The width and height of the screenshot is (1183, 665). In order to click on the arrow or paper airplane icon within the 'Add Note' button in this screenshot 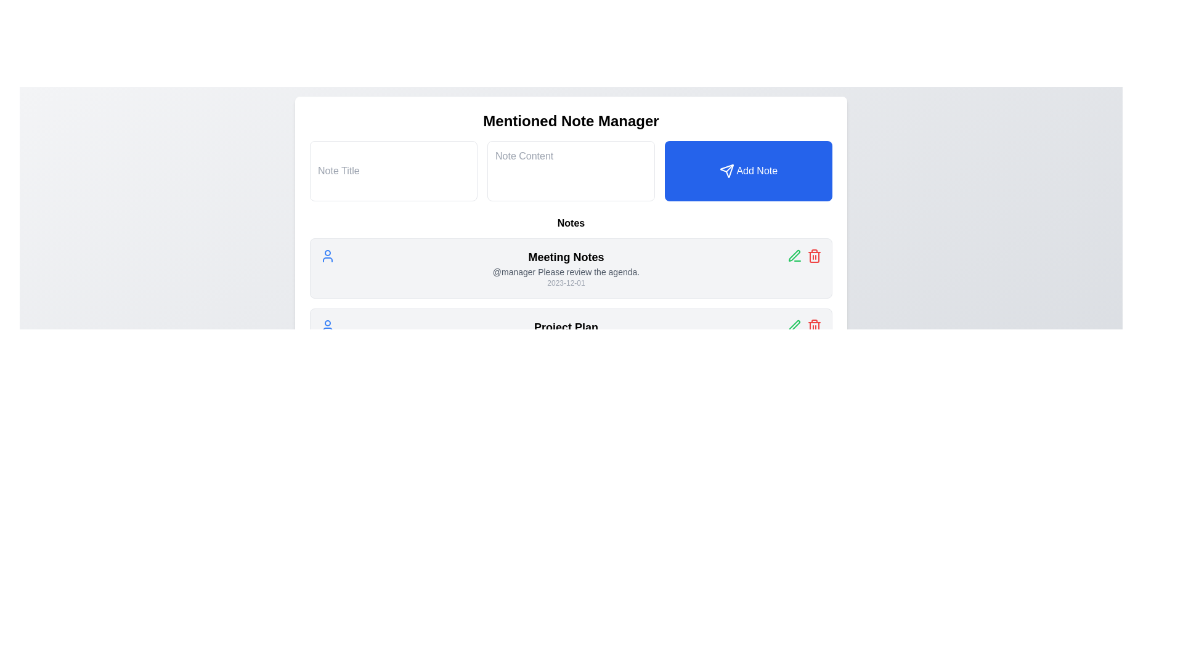, I will do `click(726, 171)`.